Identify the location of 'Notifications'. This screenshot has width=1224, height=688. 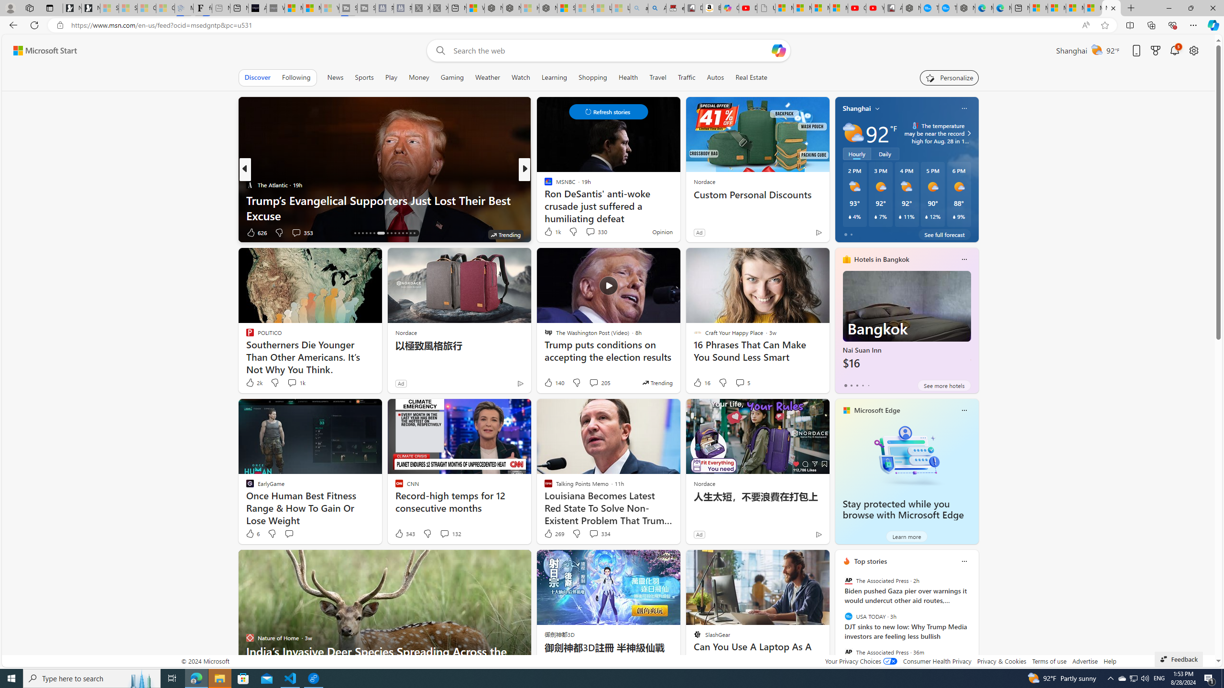
(1175, 51).